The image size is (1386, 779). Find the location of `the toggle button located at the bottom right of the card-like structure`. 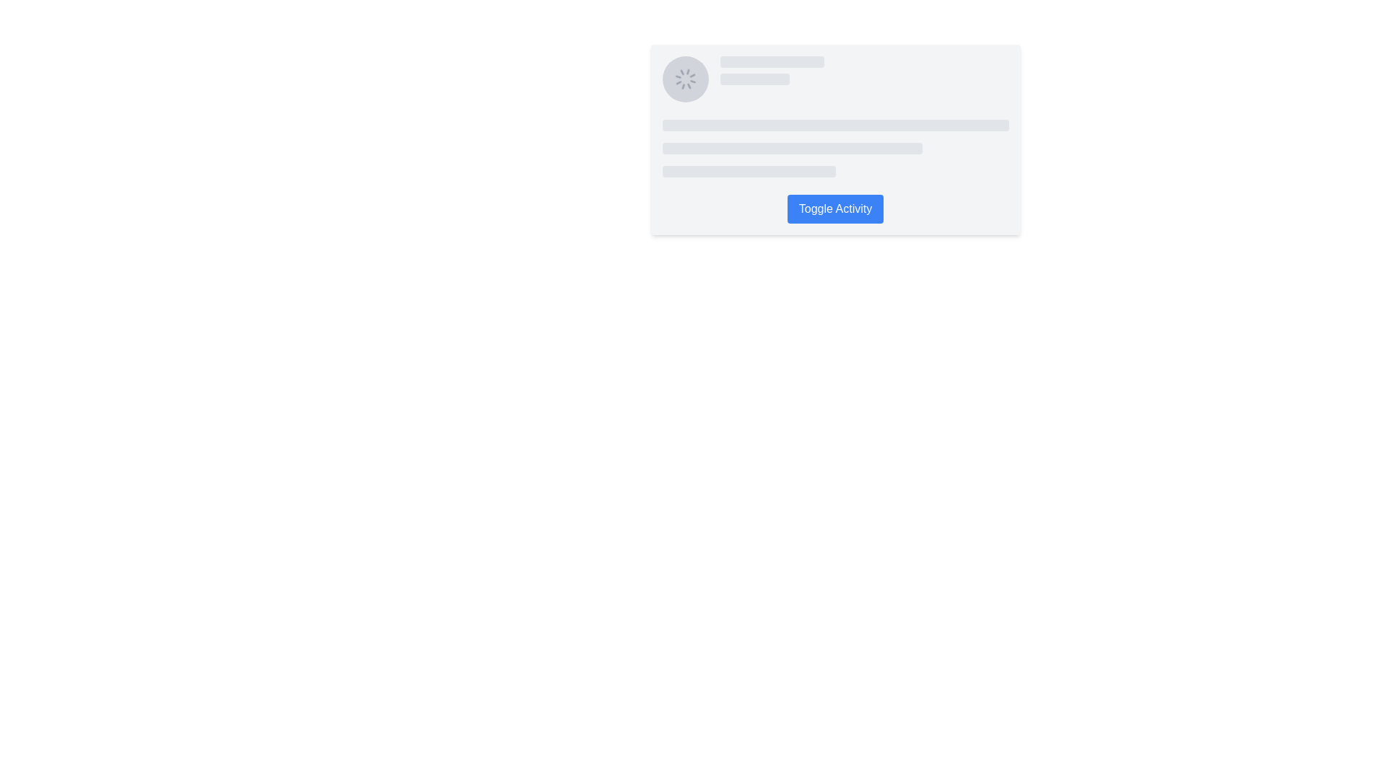

the toggle button located at the bottom right of the card-like structure is located at coordinates (835, 208).